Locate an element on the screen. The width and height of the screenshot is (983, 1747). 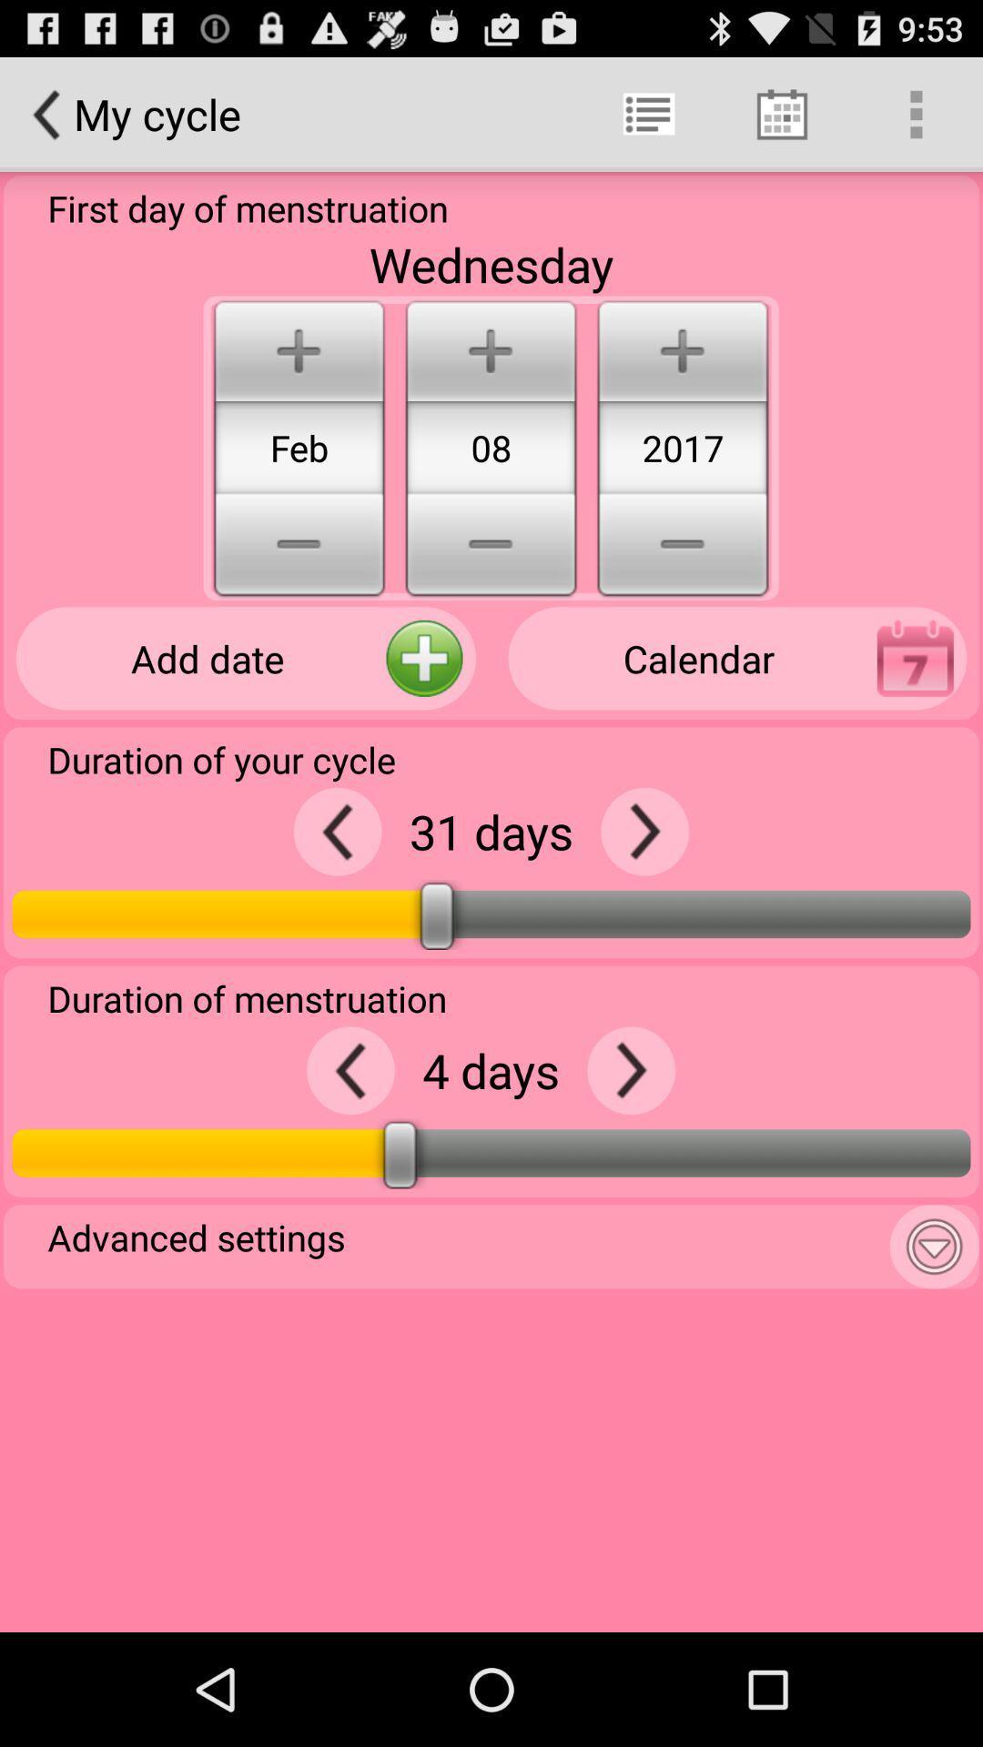
more settings is located at coordinates (934, 1246).